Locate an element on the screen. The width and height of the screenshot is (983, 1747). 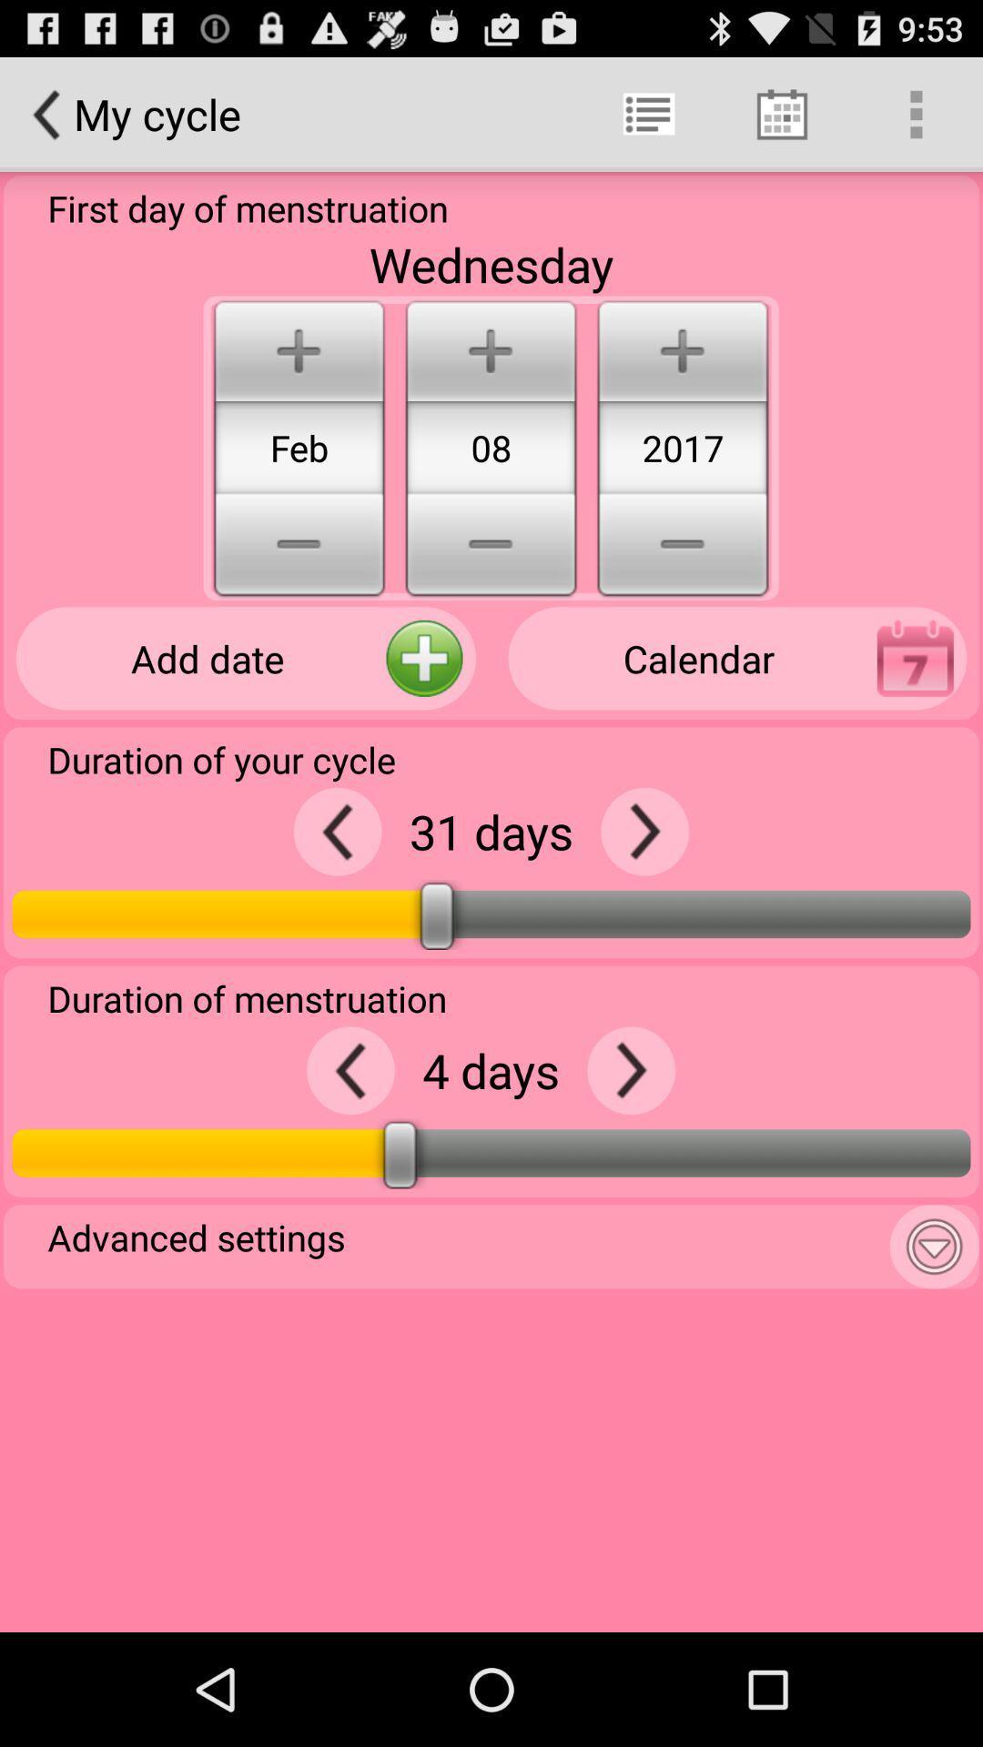
more settings is located at coordinates (934, 1246).